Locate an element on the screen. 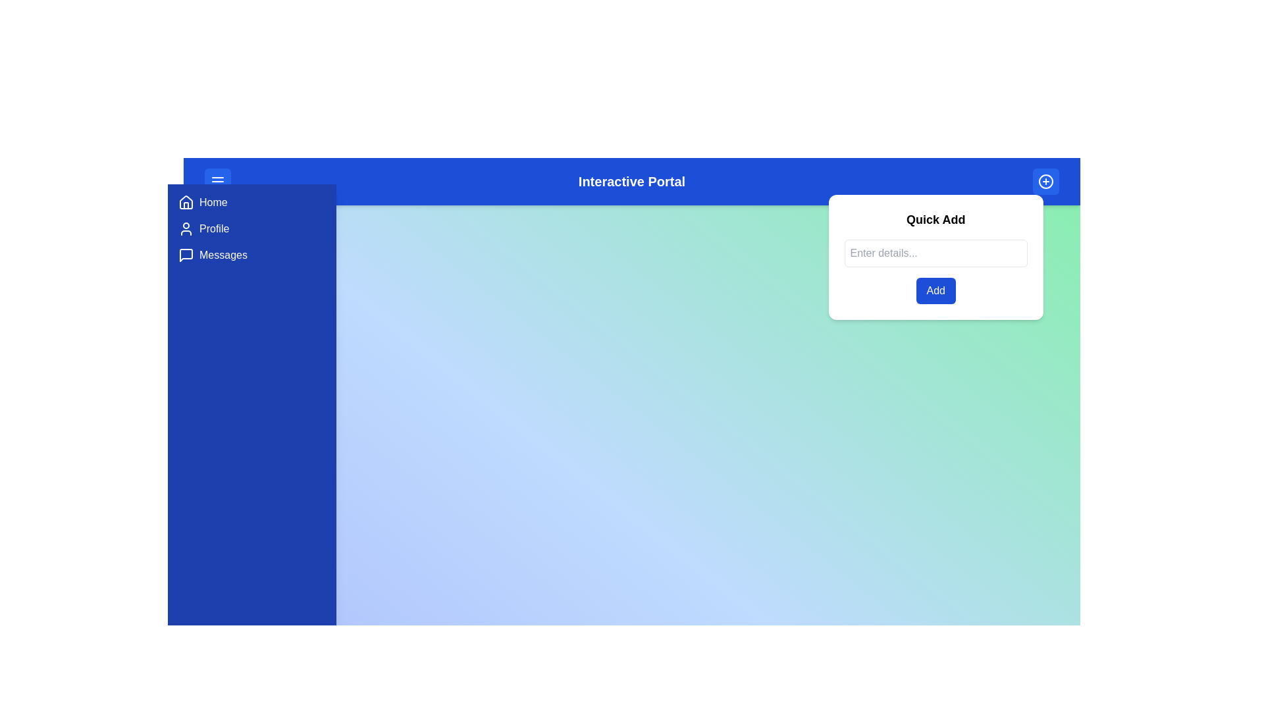 The image size is (1264, 711). the Profile item from the side navigation menu is located at coordinates (252, 228).